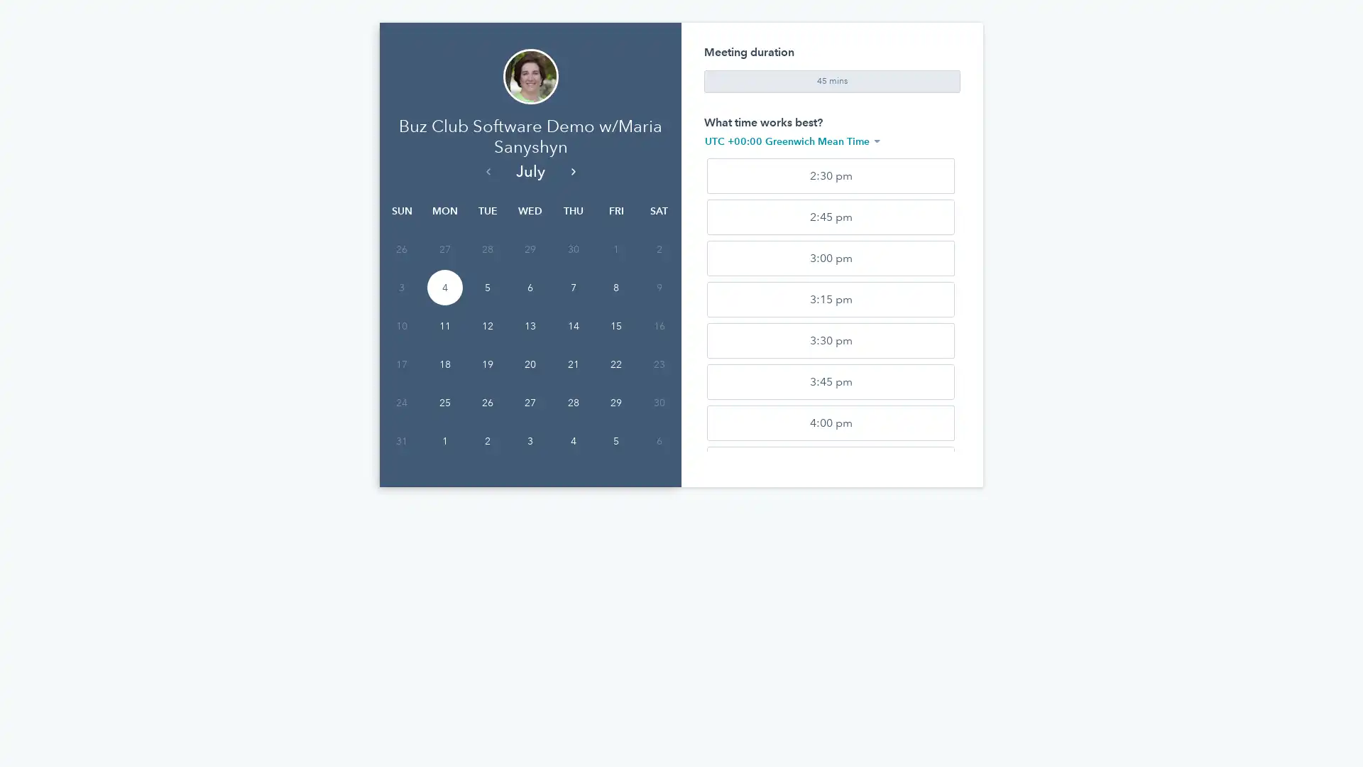 The image size is (1363, 767). Describe the element at coordinates (443, 303) in the screenshot. I see `June 27th` at that location.